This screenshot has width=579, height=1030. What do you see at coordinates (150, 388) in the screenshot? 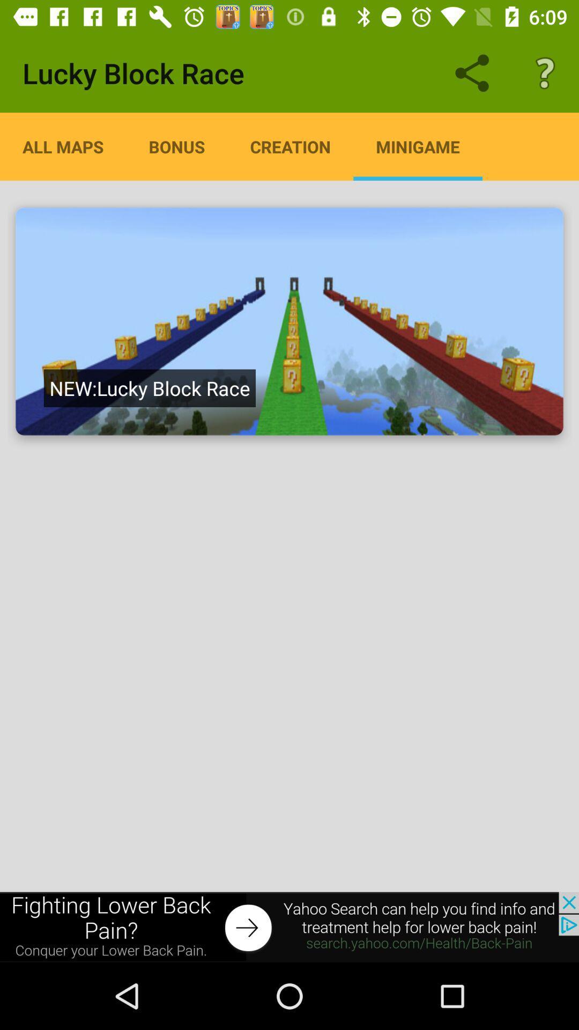
I see `the text which is in the image` at bounding box center [150, 388].